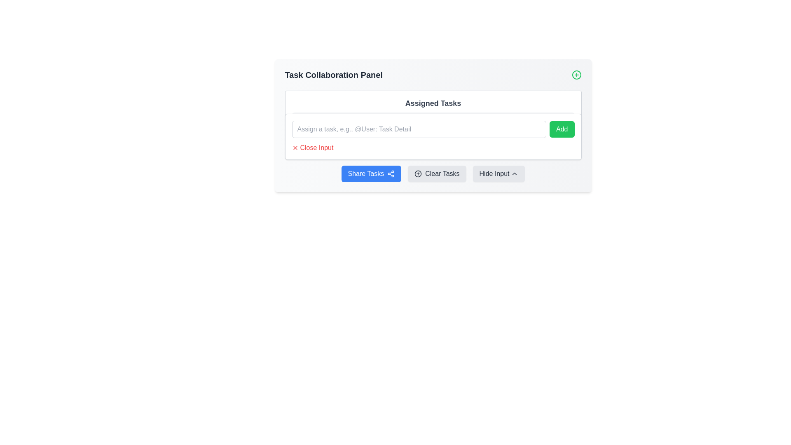 Image resolution: width=791 pixels, height=445 pixels. What do you see at coordinates (433, 103) in the screenshot?
I see `the 'Assigned Tasks' text label or heading, which is styled in a bold, large dark gray font and serves as a header for the tasks list` at bounding box center [433, 103].